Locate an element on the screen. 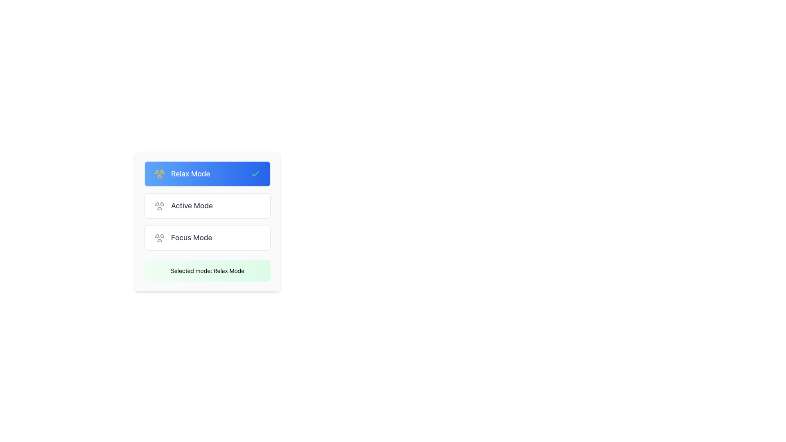 The height and width of the screenshot is (442, 786). displayed text 'Selected mode: Relax Mode' from the text label with a light green gradient background located at the bottom of the selectable options is located at coordinates (208, 271).